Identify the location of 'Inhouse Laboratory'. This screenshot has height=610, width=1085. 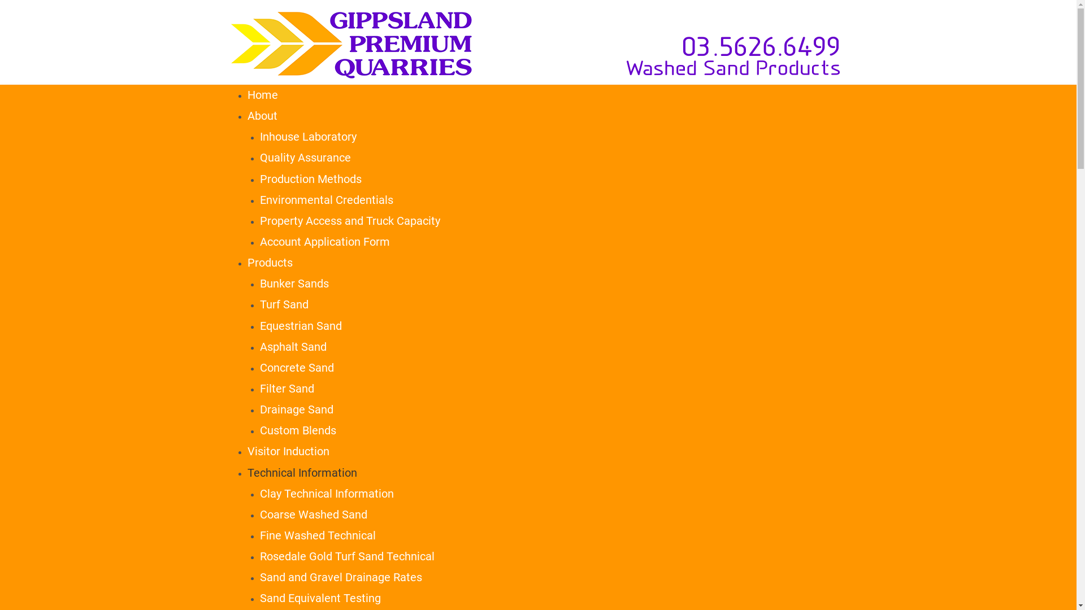
(259, 136).